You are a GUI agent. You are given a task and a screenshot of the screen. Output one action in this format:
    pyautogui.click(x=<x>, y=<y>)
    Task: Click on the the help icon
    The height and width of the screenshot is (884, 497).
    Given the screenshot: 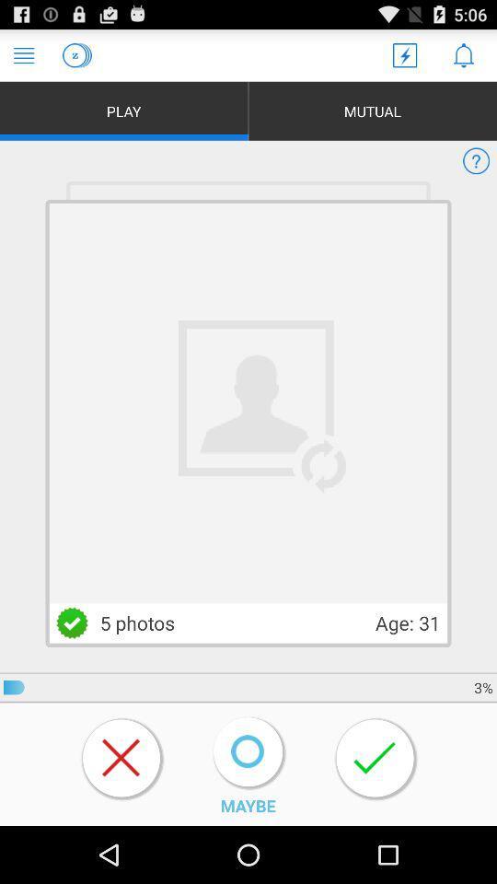 What is the action you would take?
    pyautogui.click(x=476, y=172)
    